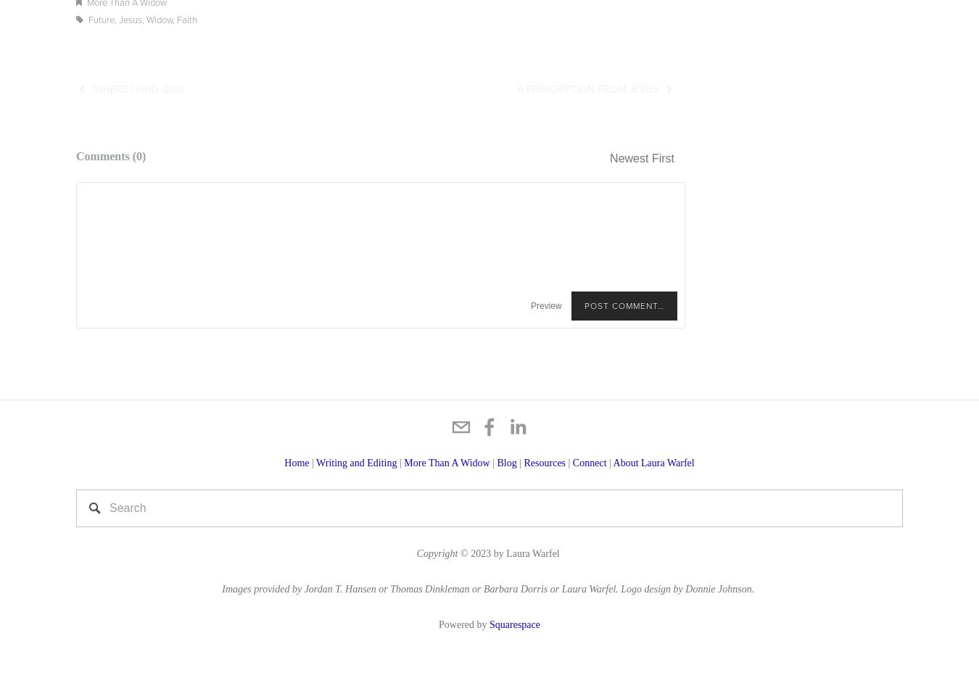 The image size is (979, 694). Describe the element at coordinates (584, 305) in the screenshot. I see `'Post Comment…'` at that location.